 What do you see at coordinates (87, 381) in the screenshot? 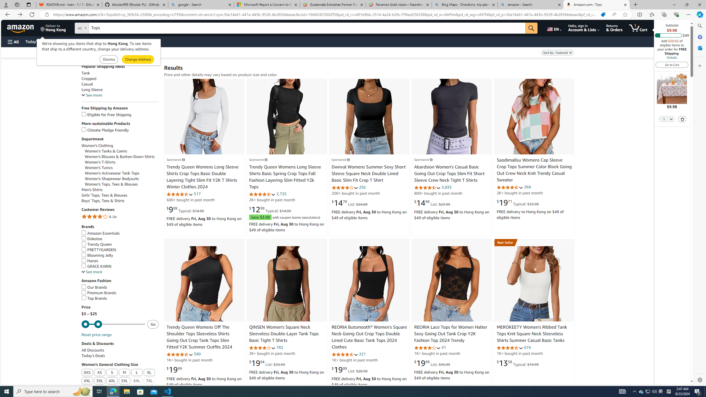
I see `'XXL'` at bounding box center [87, 381].